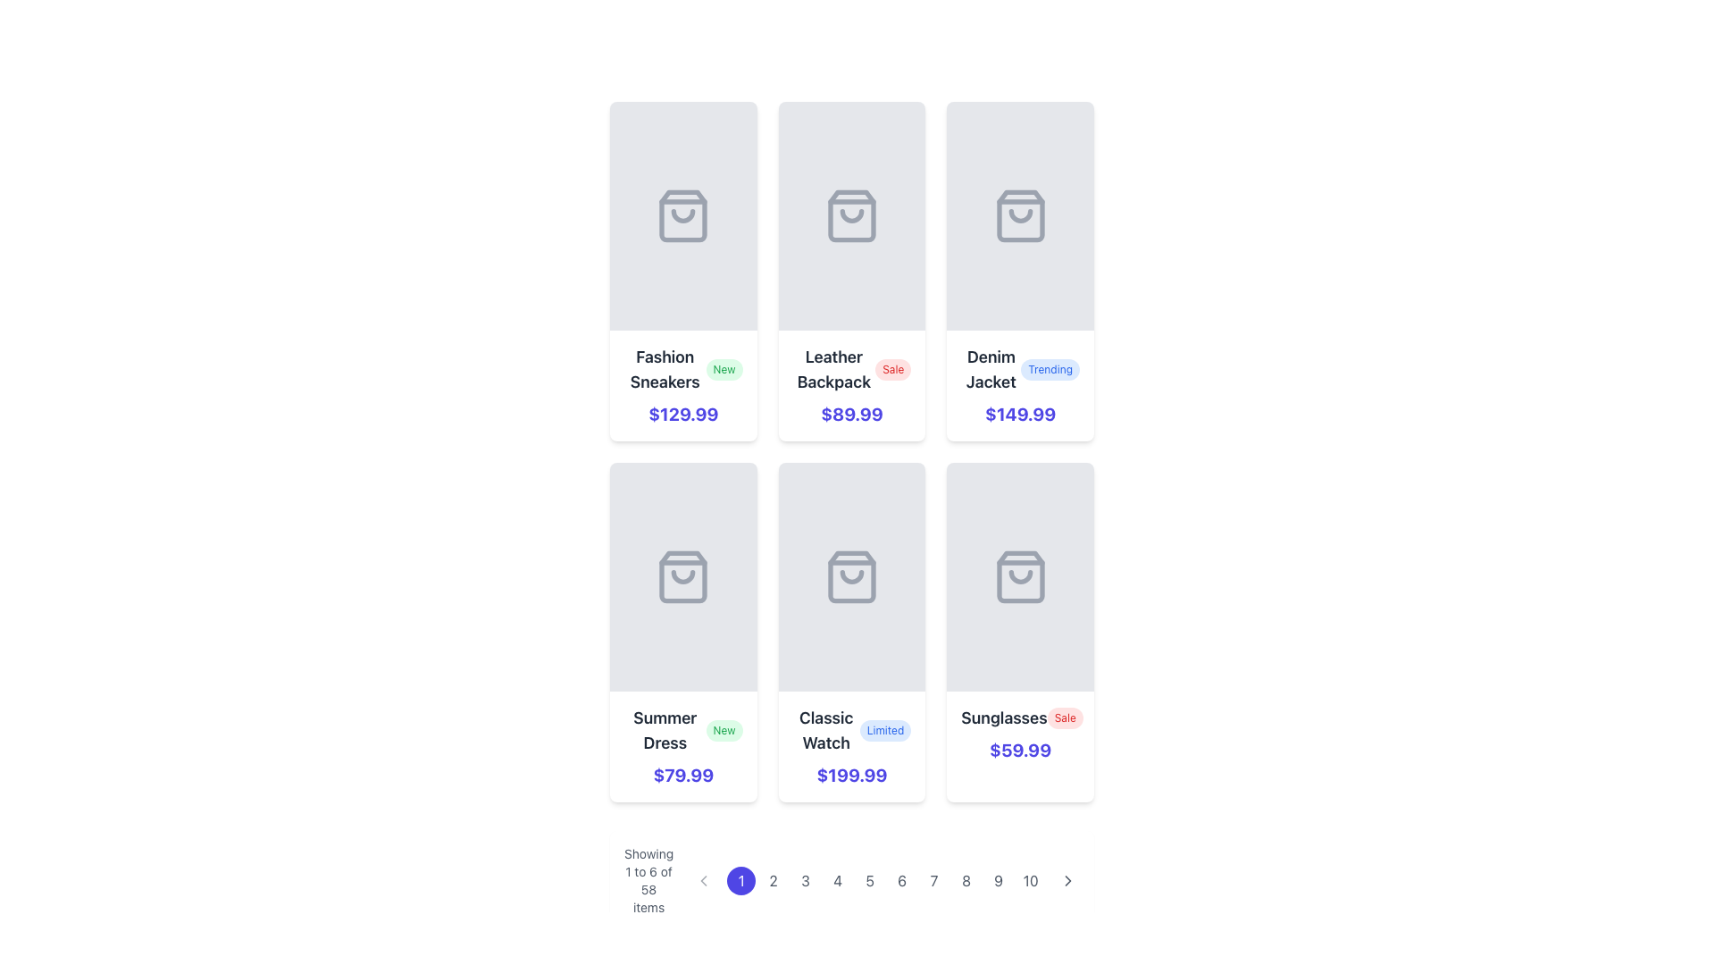 The height and width of the screenshot is (965, 1715). What do you see at coordinates (1020, 751) in the screenshot?
I see `price displayed in the bold, large blue indigo Text Label showing '$59.99', located below the 'Sunglasses' description text in the product card` at bounding box center [1020, 751].